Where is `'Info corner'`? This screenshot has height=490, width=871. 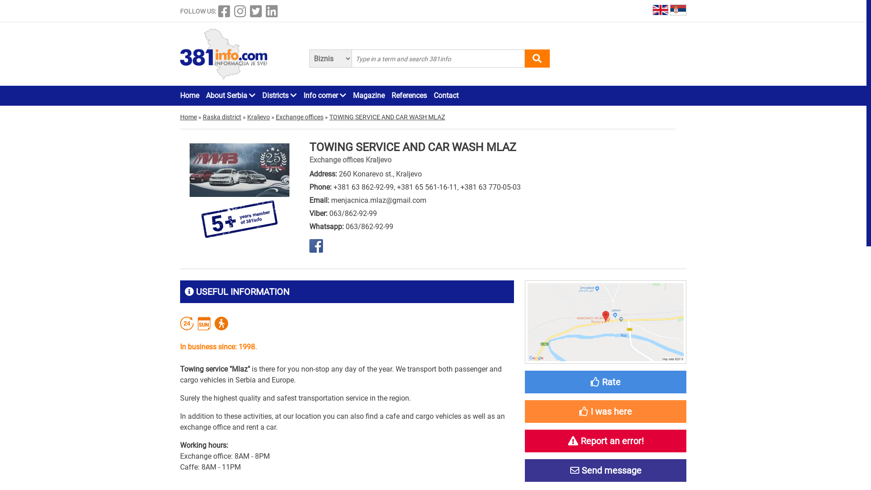
'Info corner' is located at coordinates (324, 96).